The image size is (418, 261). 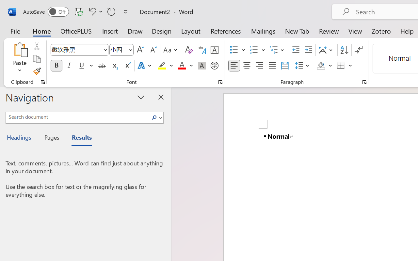 I want to click on 'Results', so click(x=78, y=138).